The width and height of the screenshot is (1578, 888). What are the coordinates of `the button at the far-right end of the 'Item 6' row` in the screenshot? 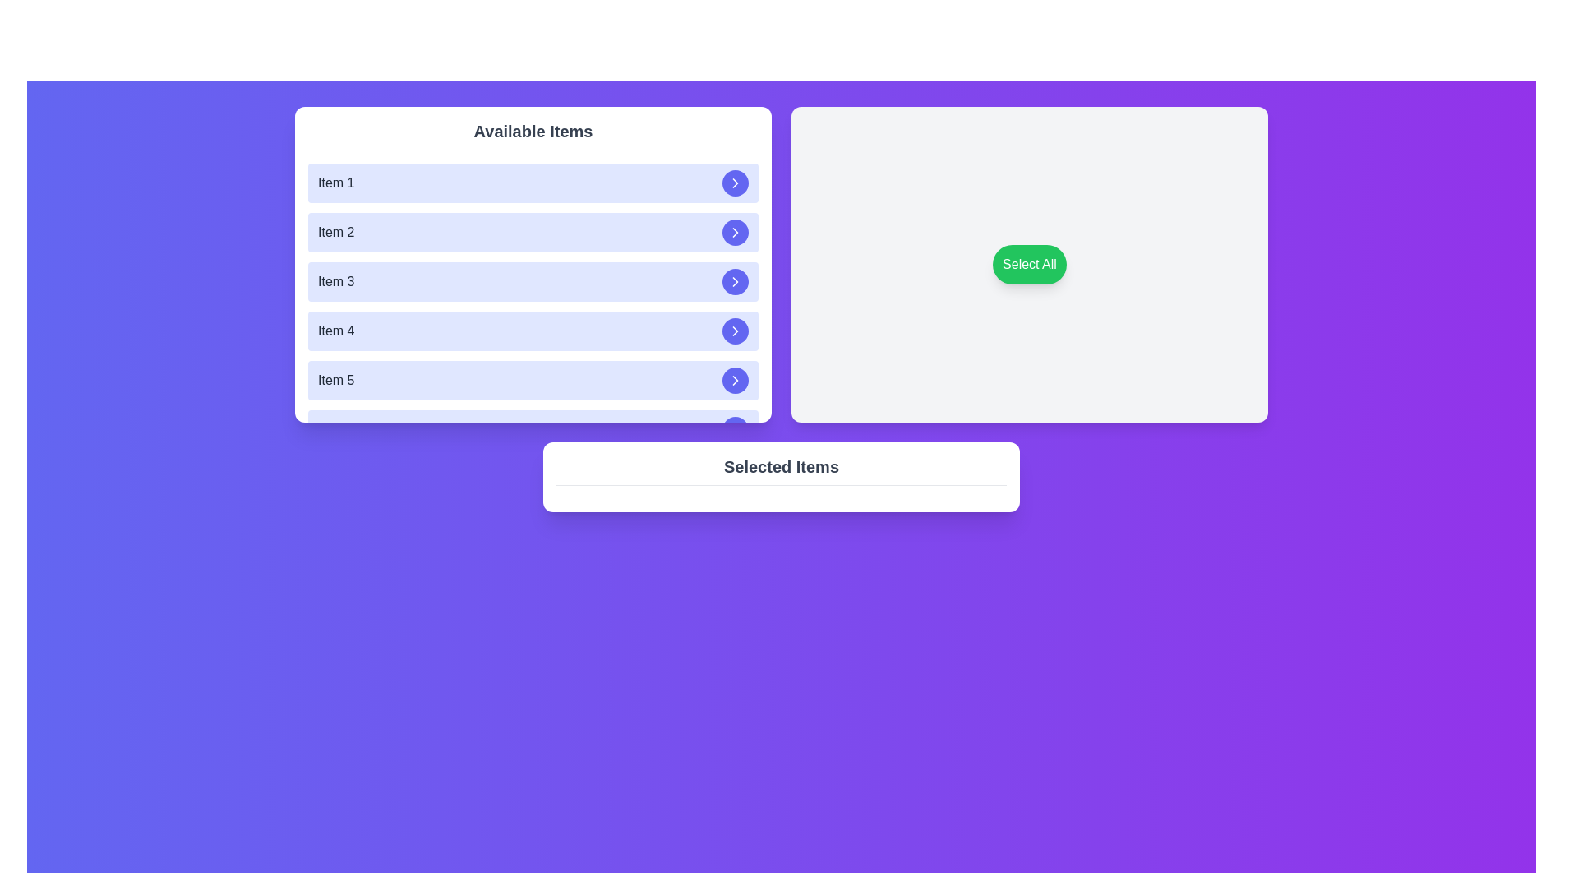 It's located at (734, 429).